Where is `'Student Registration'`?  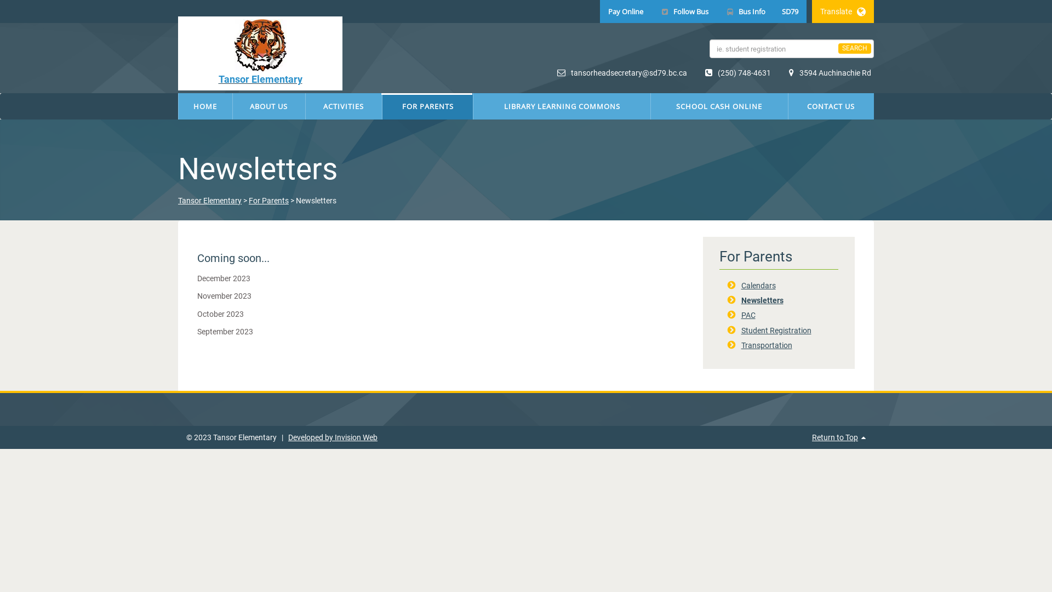 'Student Registration' is located at coordinates (775, 329).